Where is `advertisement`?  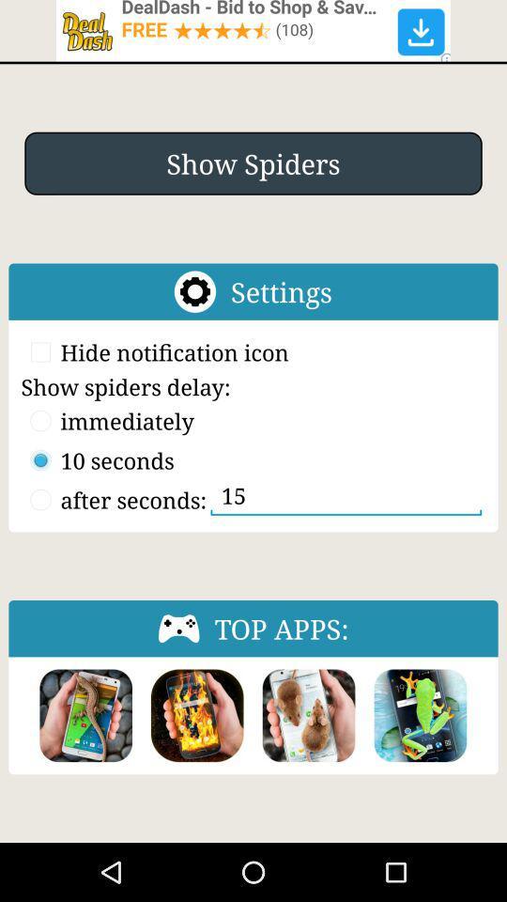 advertisement is located at coordinates (253, 29).